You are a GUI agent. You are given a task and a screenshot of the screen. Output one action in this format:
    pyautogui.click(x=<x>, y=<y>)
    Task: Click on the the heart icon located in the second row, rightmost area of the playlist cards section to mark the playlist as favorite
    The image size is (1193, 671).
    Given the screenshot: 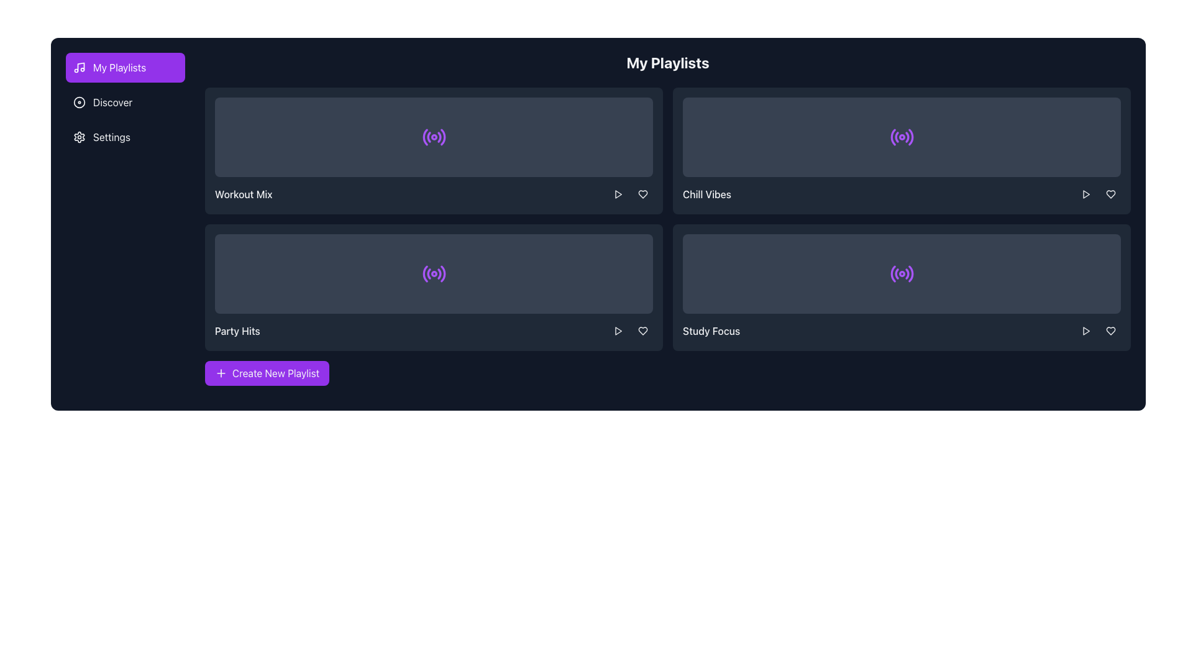 What is the action you would take?
    pyautogui.click(x=1111, y=194)
    